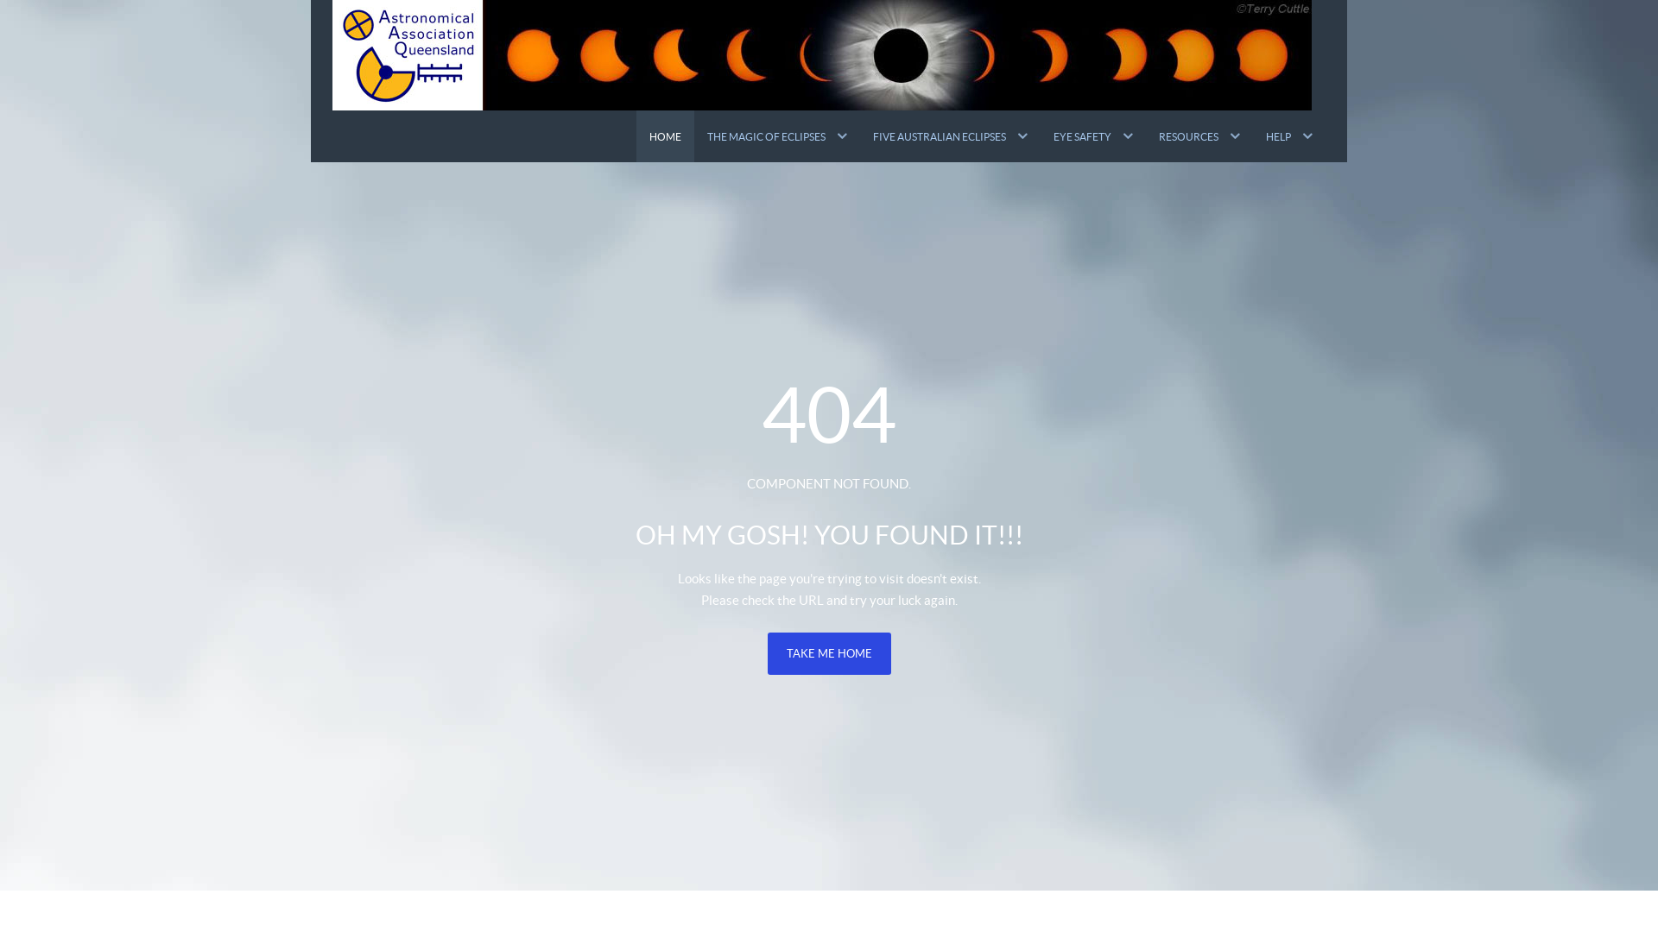 This screenshot has width=1658, height=932. I want to click on 'THE MAGIC OF ECLIPSES', so click(776, 135).